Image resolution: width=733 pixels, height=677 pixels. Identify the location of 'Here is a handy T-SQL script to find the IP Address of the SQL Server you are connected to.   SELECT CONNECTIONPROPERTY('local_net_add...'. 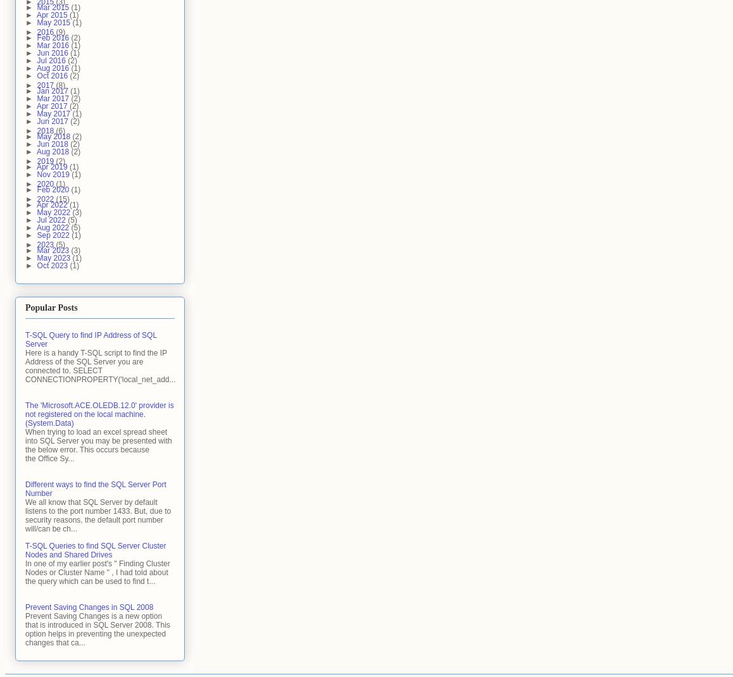
(99, 365).